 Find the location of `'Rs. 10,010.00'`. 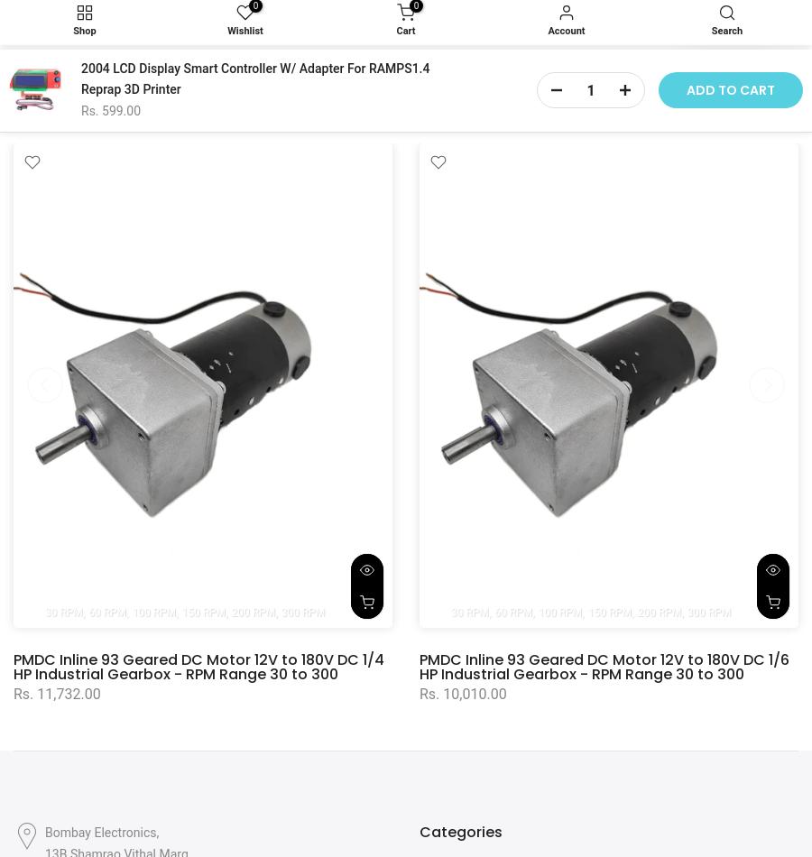

'Rs. 10,010.00' is located at coordinates (462, 692).